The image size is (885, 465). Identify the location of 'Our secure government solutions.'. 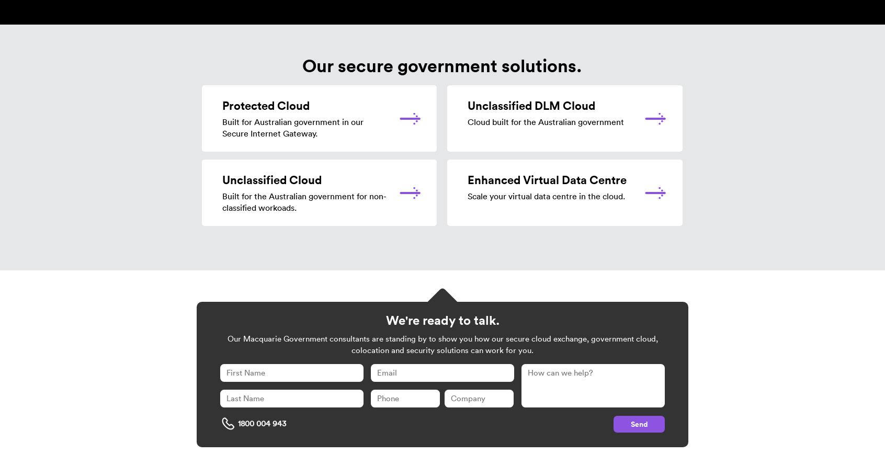
(442, 64).